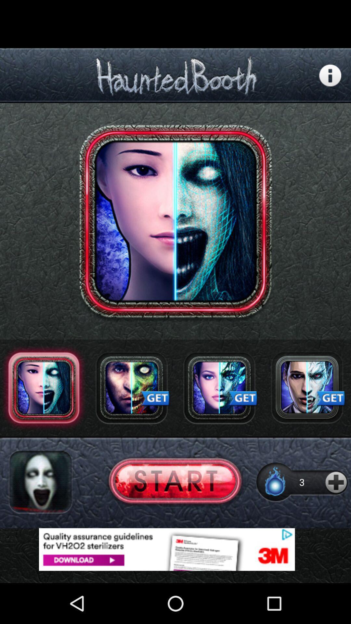 The height and width of the screenshot is (624, 351). What do you see at coordinates (175, 482) in the screenshot?
I see `start meshing photos` at bounding box center [175, 482].